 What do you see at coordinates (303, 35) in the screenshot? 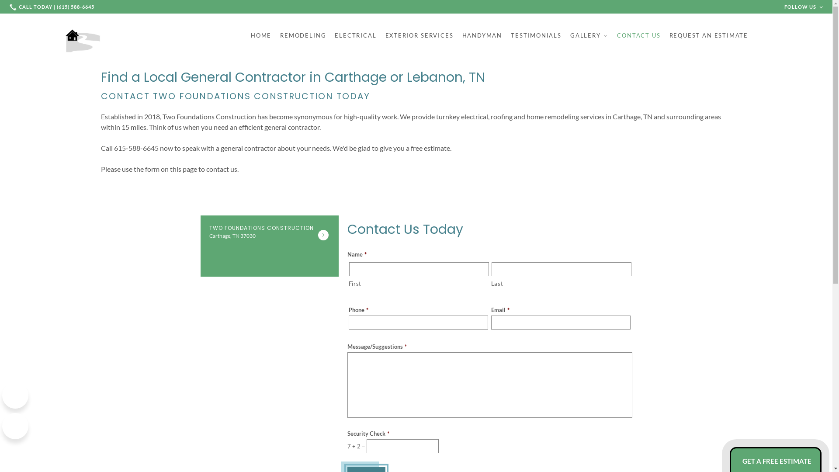
I see `'REMODELING'` at bounding box center [303, 35].